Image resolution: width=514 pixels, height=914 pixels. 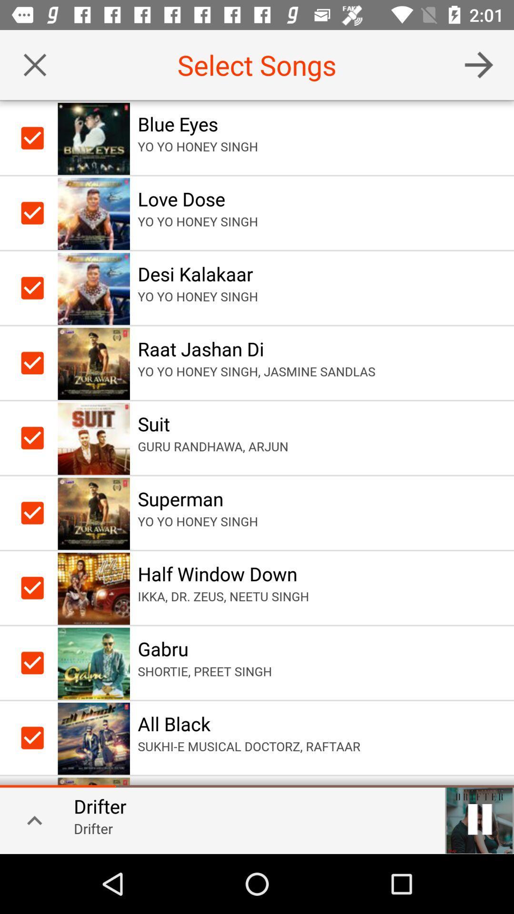 What do you see at coordinates (34, 64) in the screenshot?
I see `page` at bounding box center [34, 64].